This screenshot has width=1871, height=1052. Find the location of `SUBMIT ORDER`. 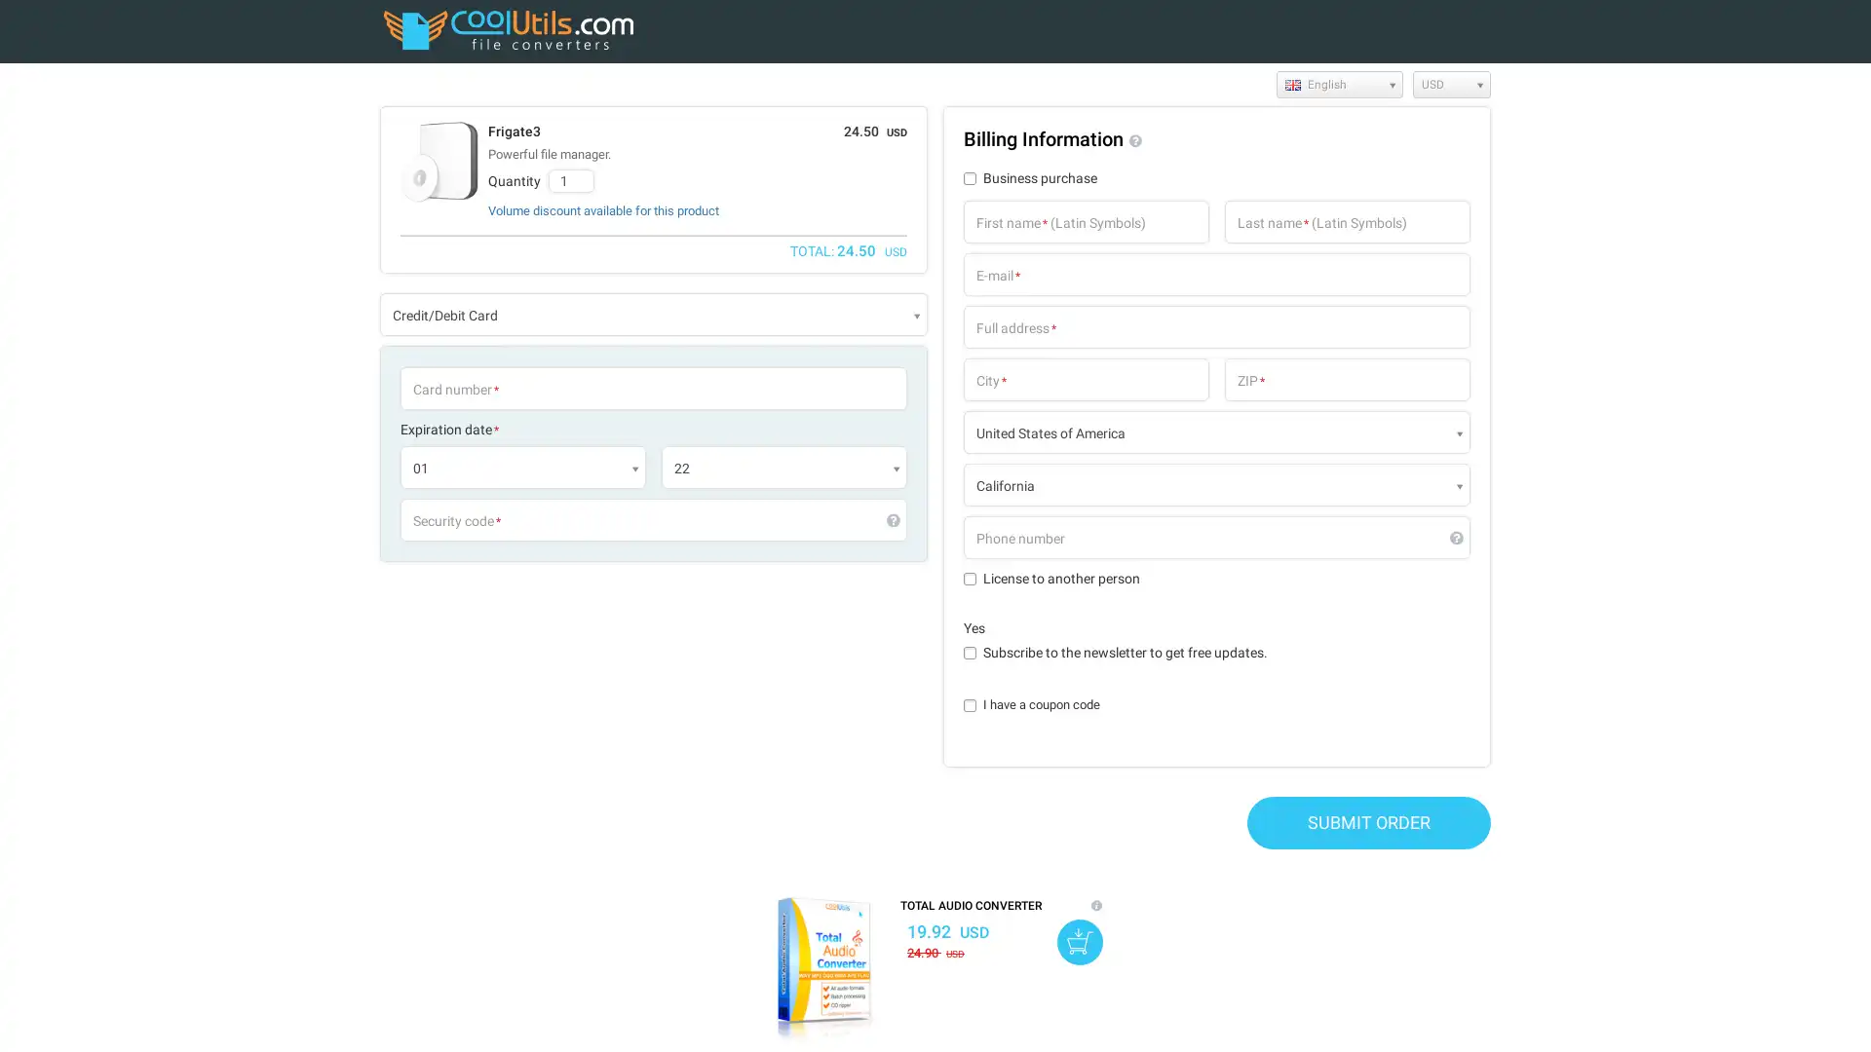

SUBMIT ORDER is located at coordinates (1368, 822).